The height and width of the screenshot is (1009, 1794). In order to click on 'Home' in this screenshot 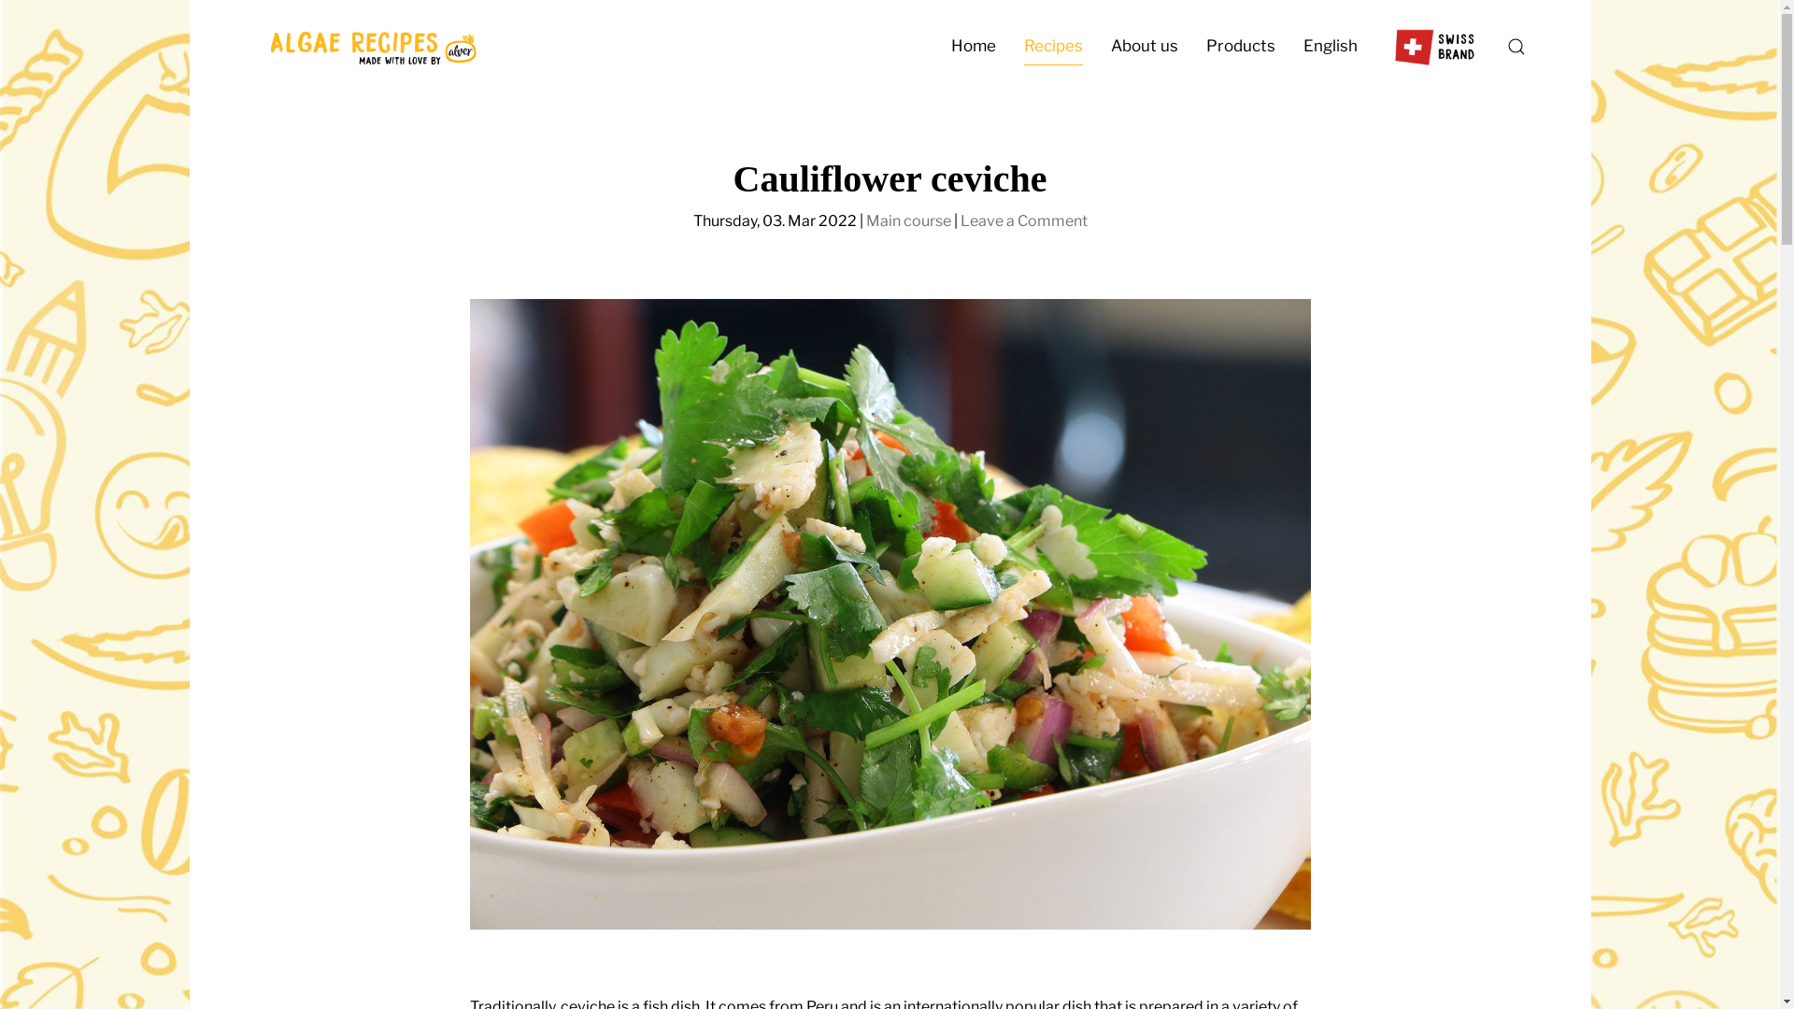, I will do `click(972, 46)`.